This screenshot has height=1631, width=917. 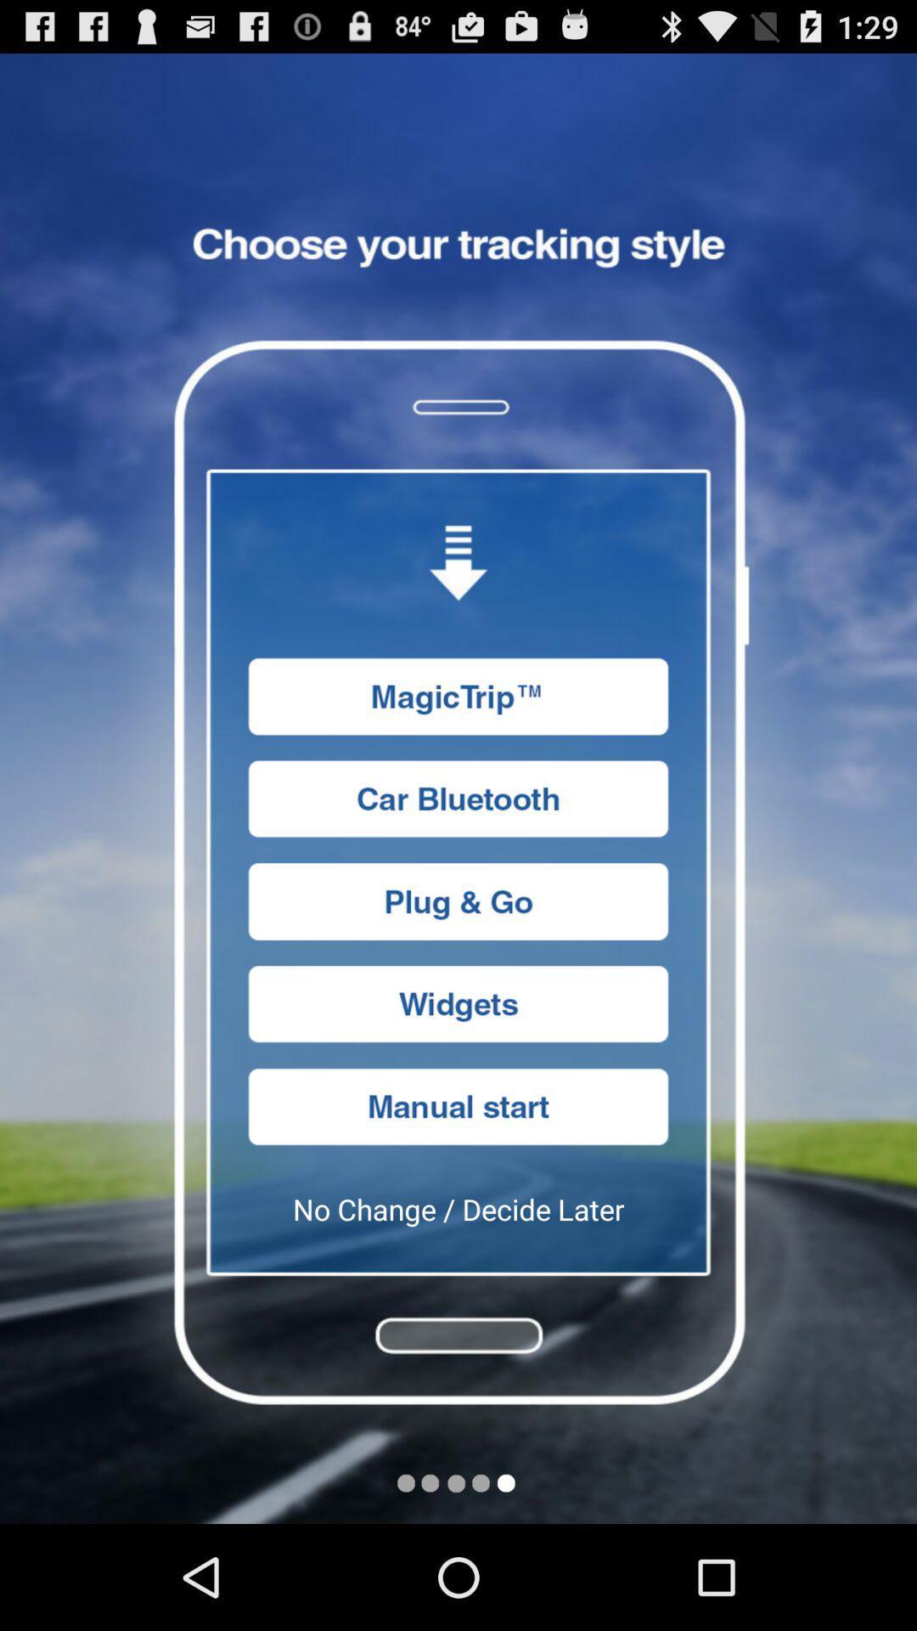 What do you see at coordinates (458, 1004) in the screenshot?
I see `access widgets` at bounding box center [458, 1004].